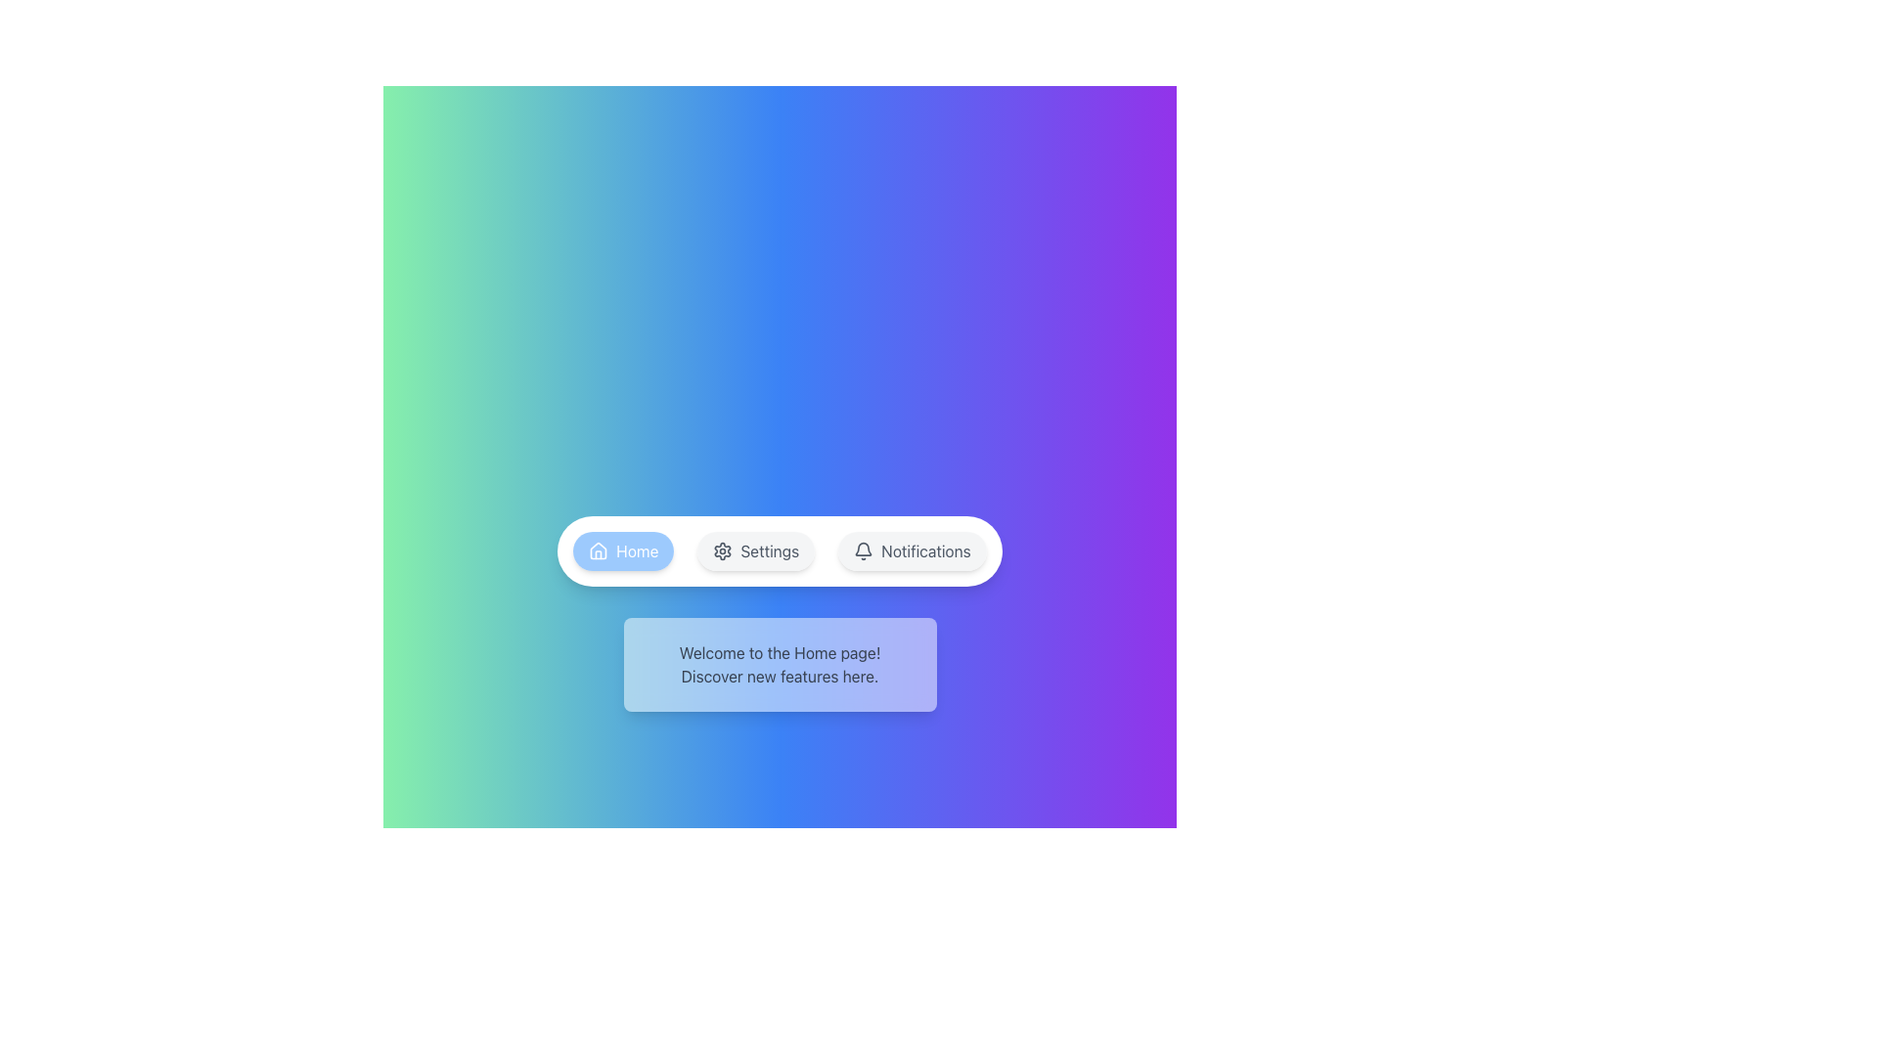  What do you see at coordinates (755, 550) in the screenshot?
I see `the 'Settings' button, which has a light gray background, dark gray text, and a gear icon` at bounding box center [755, 550].